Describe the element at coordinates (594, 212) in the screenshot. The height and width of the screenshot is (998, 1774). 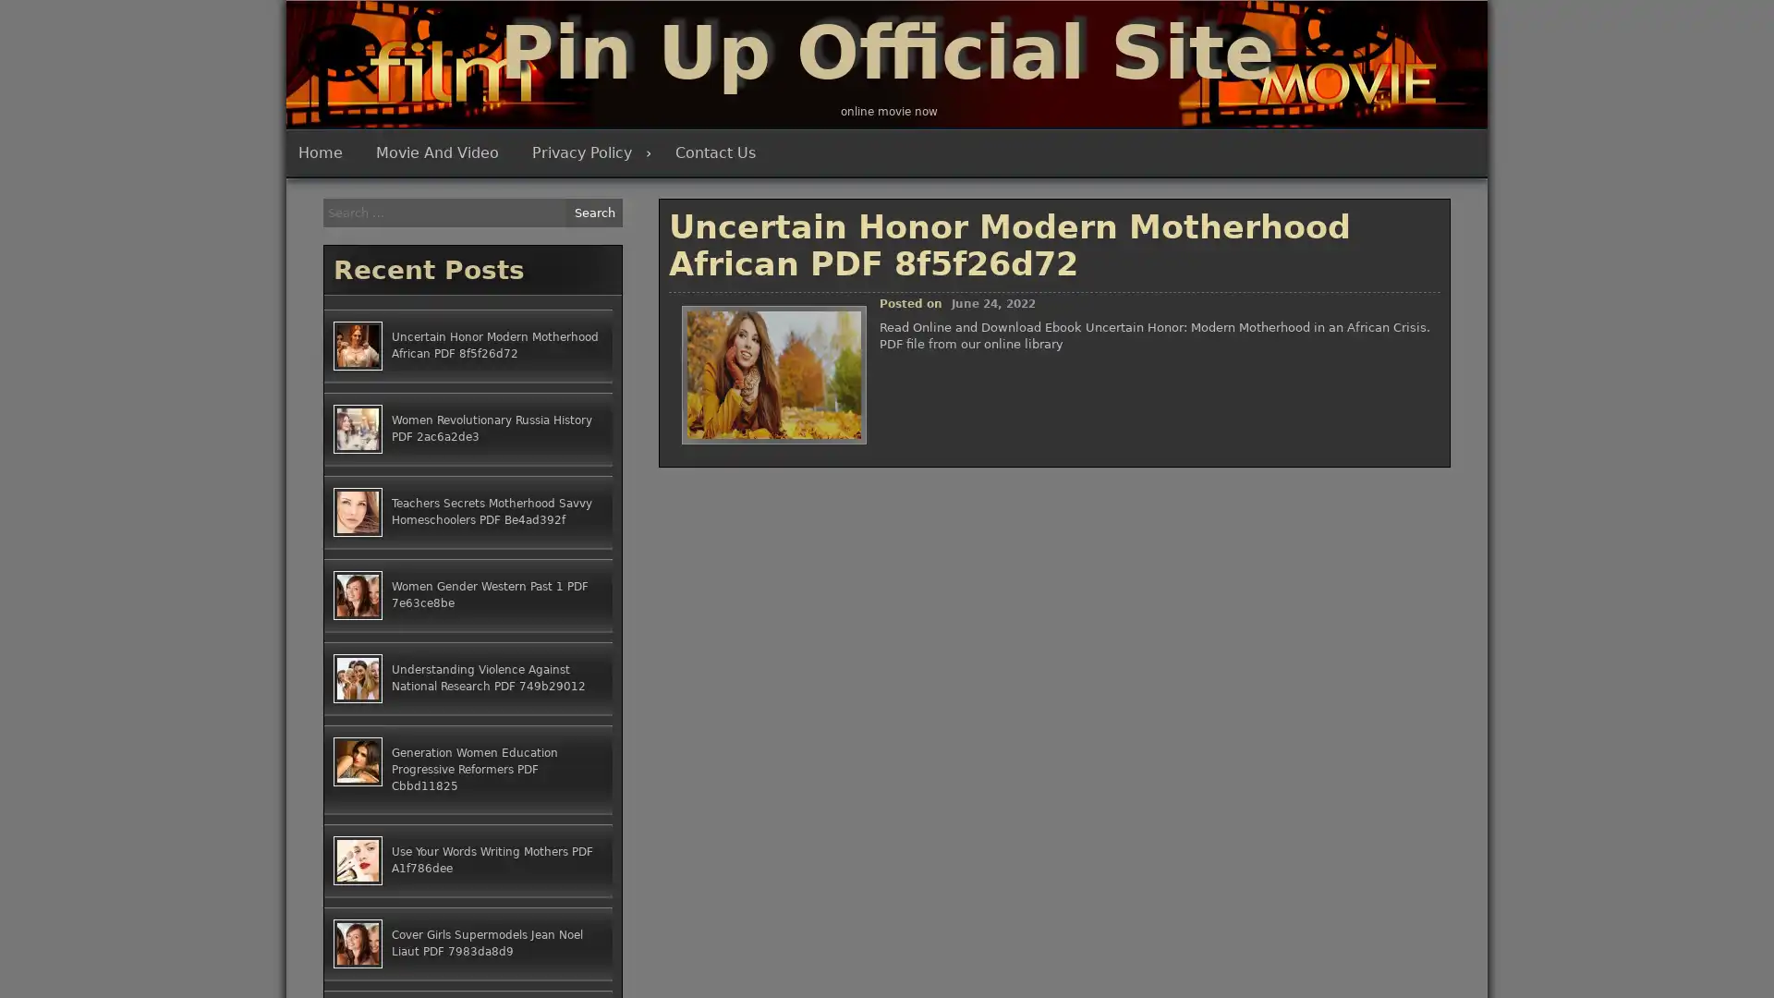
I see `Search` at that location.